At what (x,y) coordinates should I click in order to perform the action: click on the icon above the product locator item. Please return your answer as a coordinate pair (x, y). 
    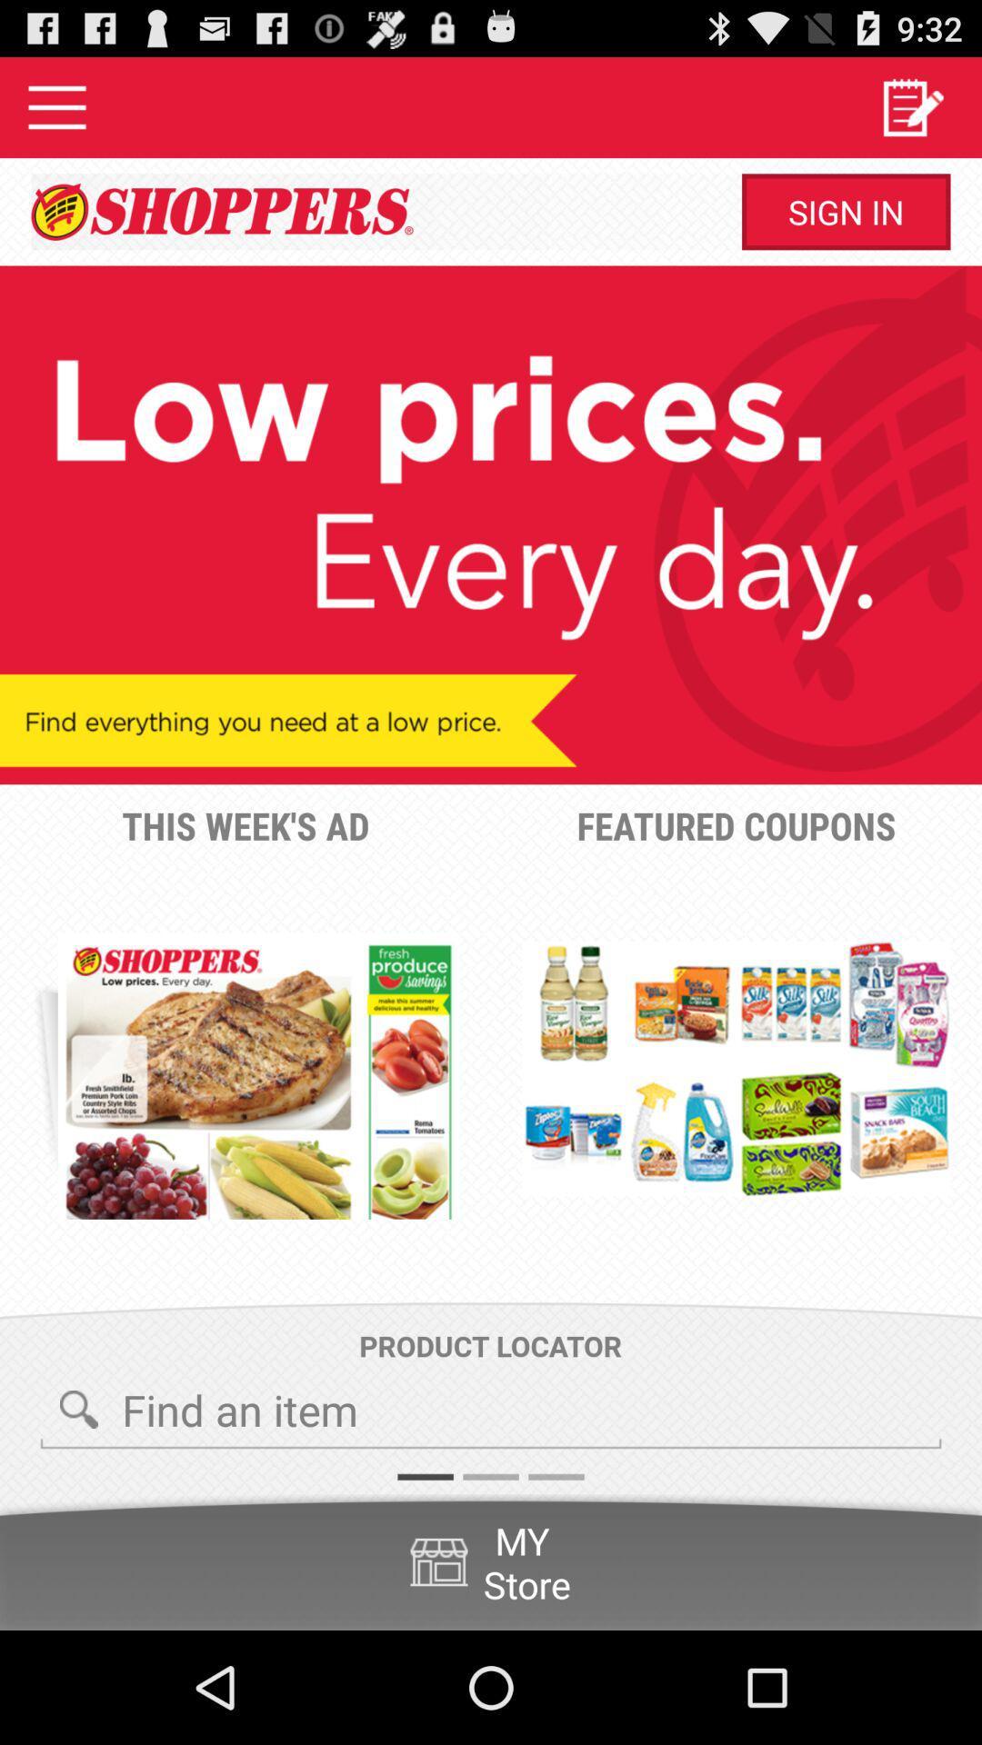
    Looking at the image, I should click on (258, 1076).